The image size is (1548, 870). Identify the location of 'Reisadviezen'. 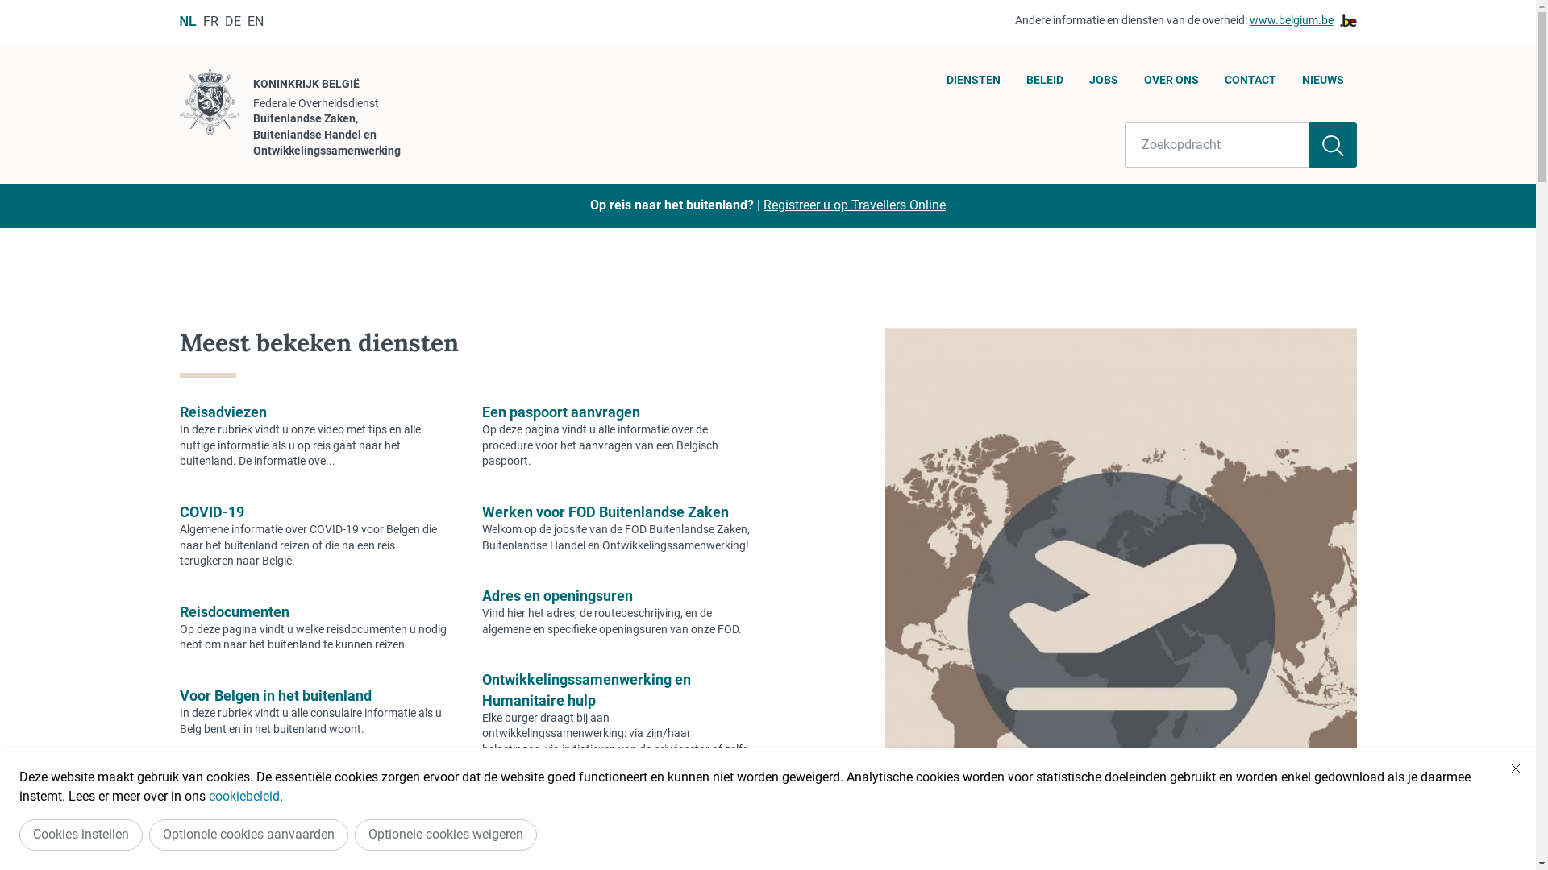
(221, 411).